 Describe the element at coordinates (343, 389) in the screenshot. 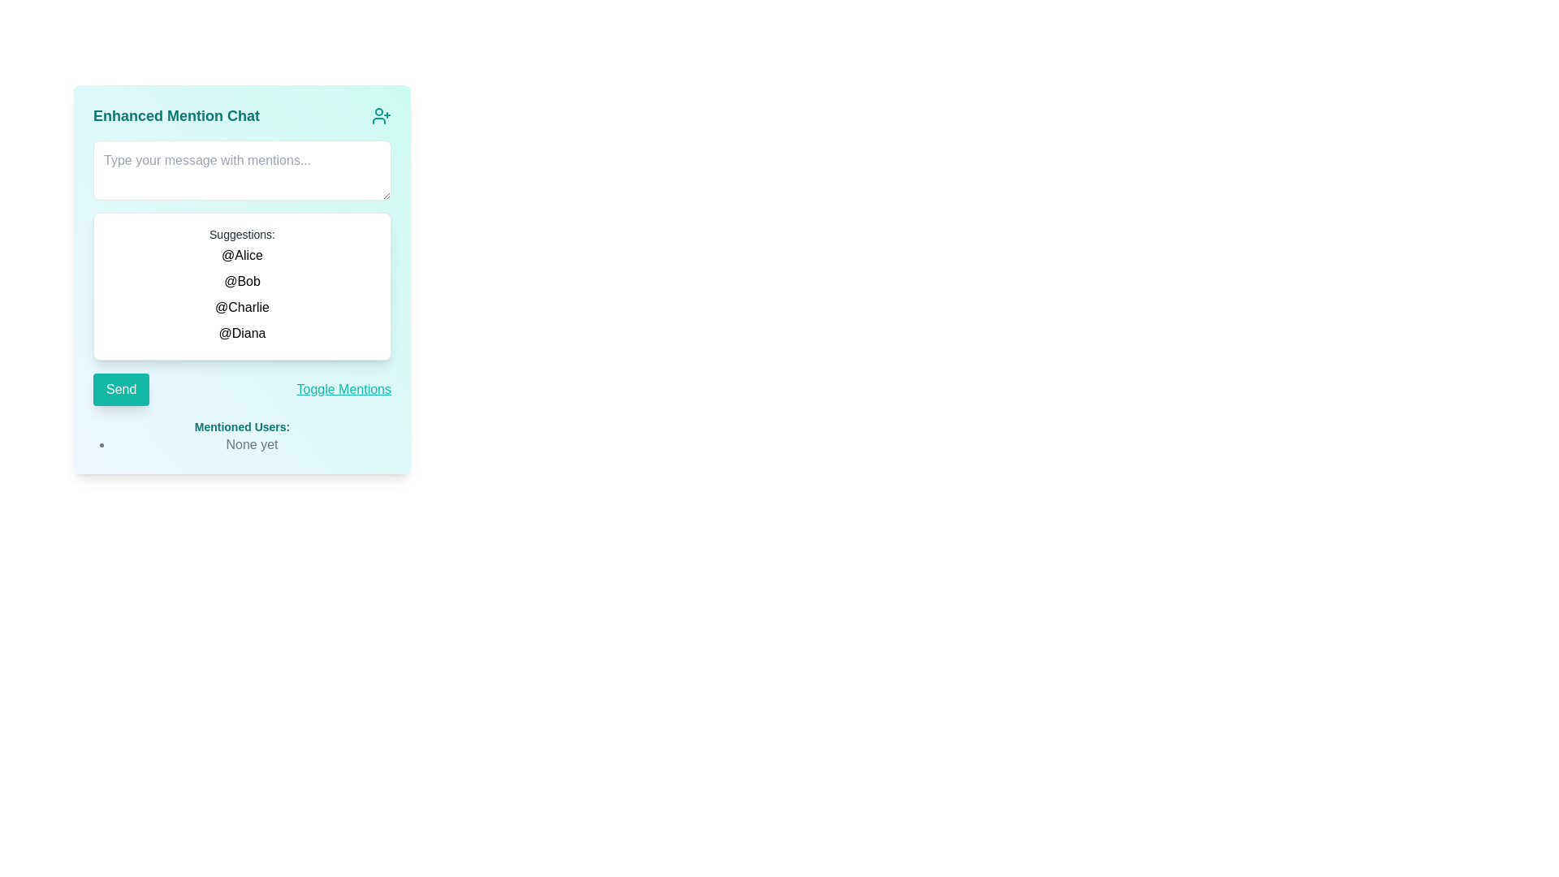

I see `the text link labeled 'Toggle Mentions'` at that location.